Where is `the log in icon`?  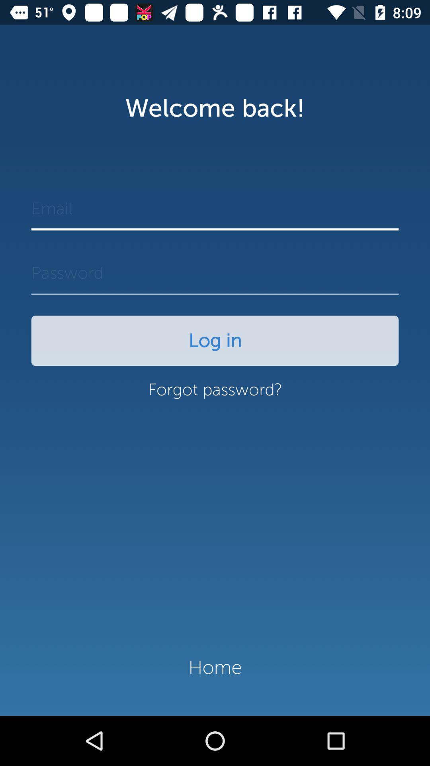 the log in icon is located at coordinates (215, 341).